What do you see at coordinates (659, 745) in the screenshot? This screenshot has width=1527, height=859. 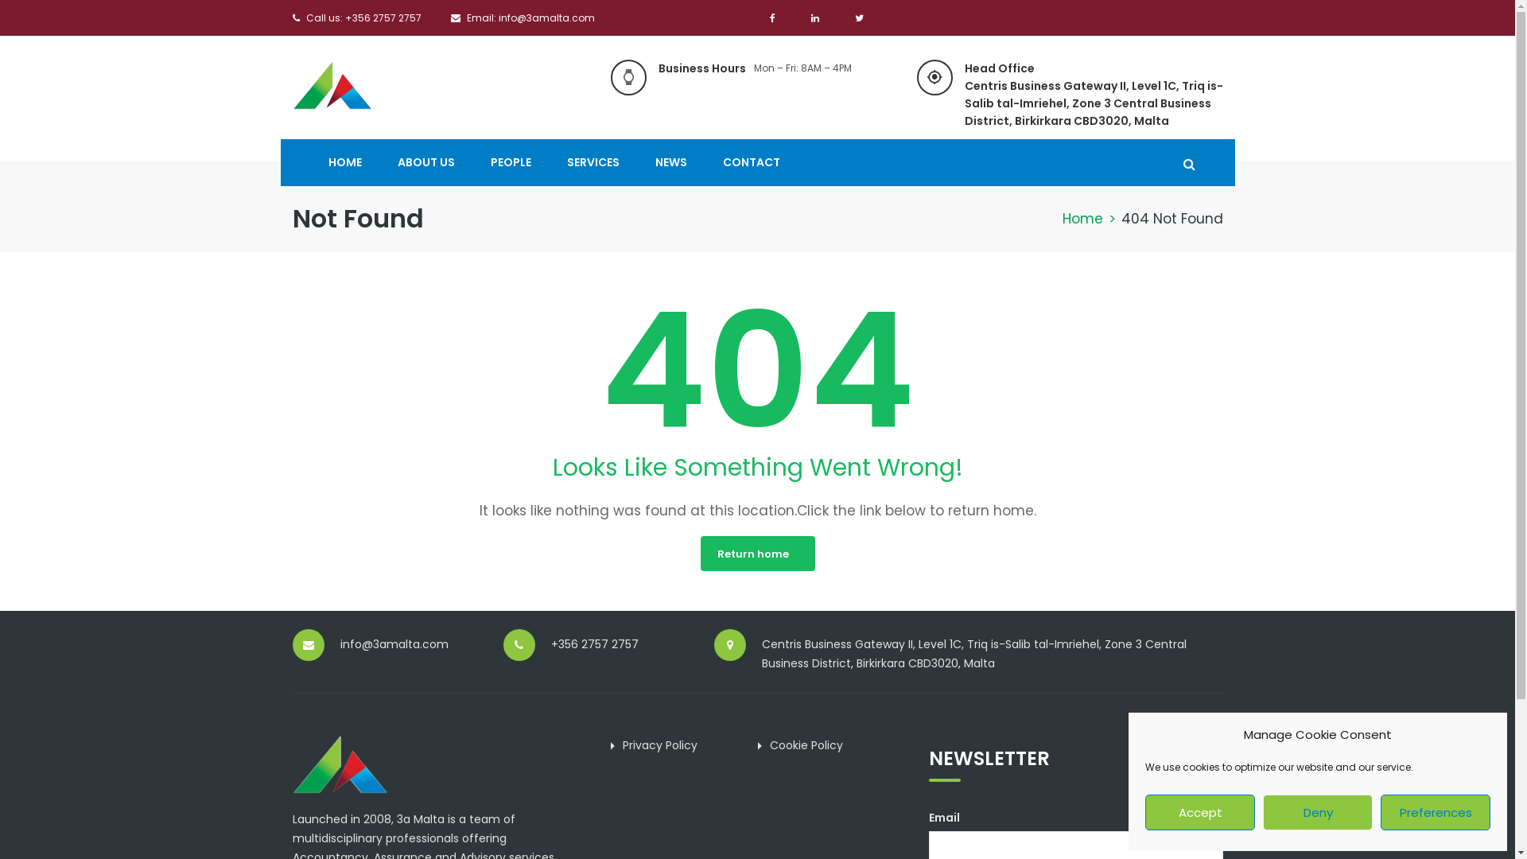 I see `'Privacy Policy'` at bounding box center [659, 745].